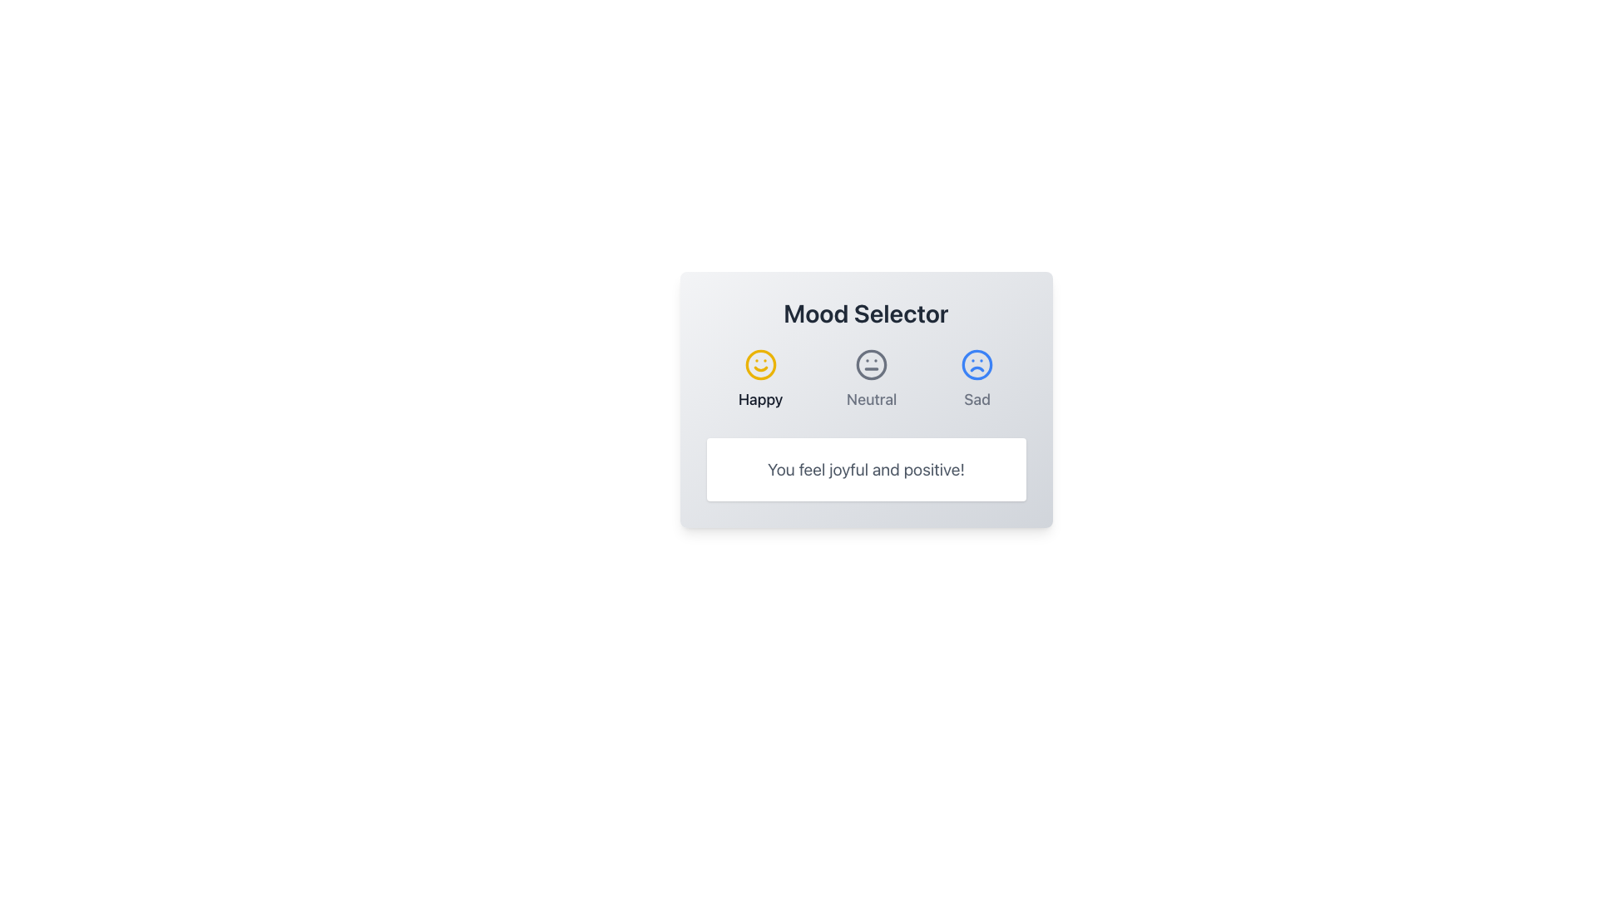 The width and height of the screenshot is (1597, 898). Describe the element at coordinates (871, 364) in the screenshot. I see `the central part of the 'Neutral' mood icon, which serves as a decorative boundary in the mood selector` at that location.